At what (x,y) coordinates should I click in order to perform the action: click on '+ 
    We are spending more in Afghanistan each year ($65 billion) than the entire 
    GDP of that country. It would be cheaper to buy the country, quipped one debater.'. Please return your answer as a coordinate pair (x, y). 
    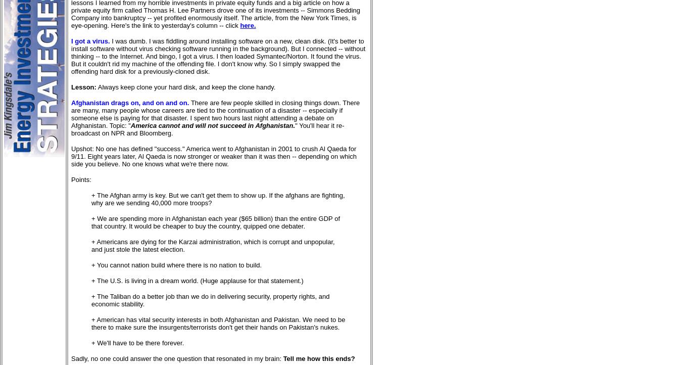
    Looking at the image, I should click on (216, 221).